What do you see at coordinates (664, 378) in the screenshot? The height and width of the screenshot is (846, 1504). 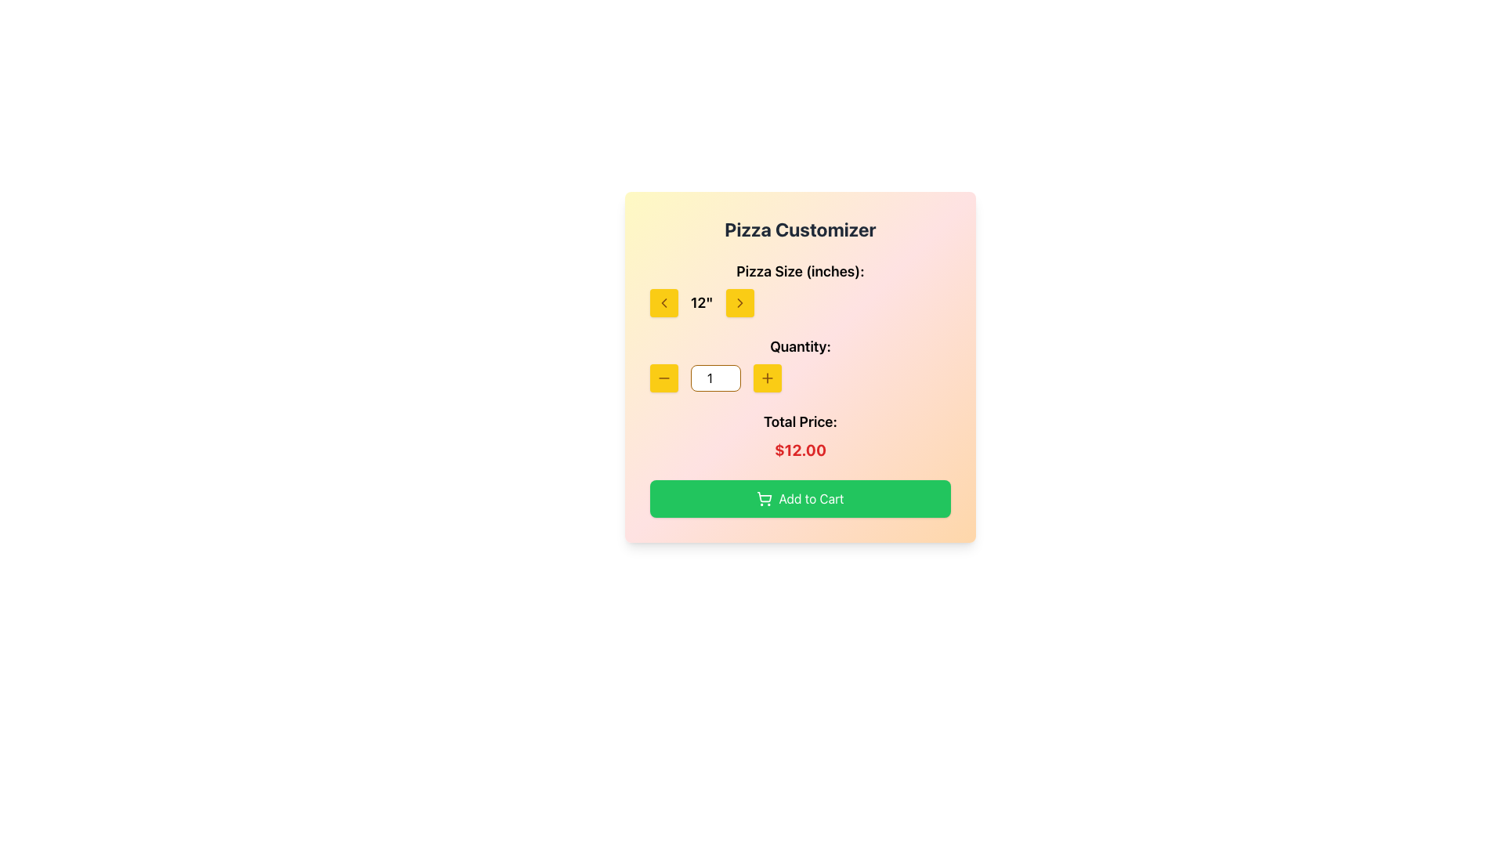 I see `the square yellow decrement button with a minus icon located to the left of the numeric input field in the pizza customizer interface to decrease the quantity` at bounding box center [664, 378].